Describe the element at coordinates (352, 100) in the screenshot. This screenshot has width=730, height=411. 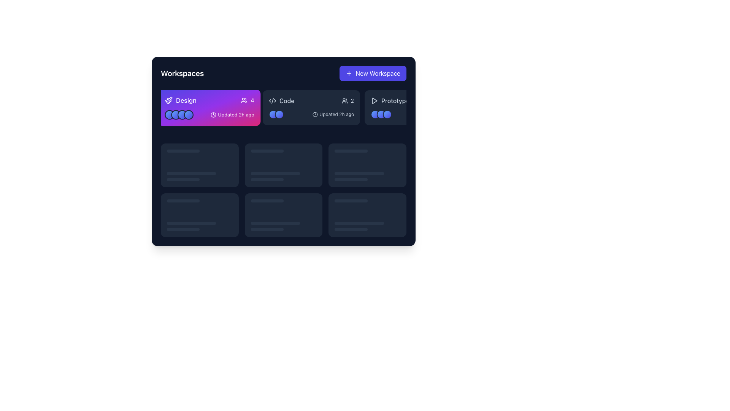
I see `the numeric text label '2' styled with class 'text-sm', located in the top-right corner of the 'Code' workspace section, next to the group icon` at that location.